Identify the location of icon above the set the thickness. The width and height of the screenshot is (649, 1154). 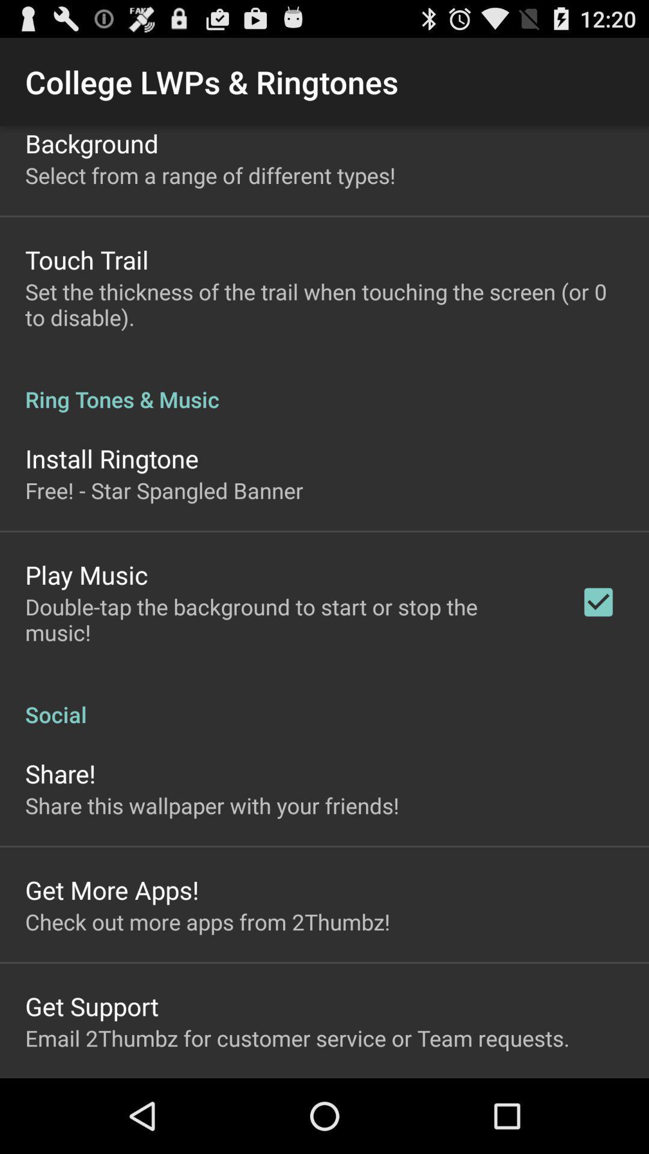
(86, 259).